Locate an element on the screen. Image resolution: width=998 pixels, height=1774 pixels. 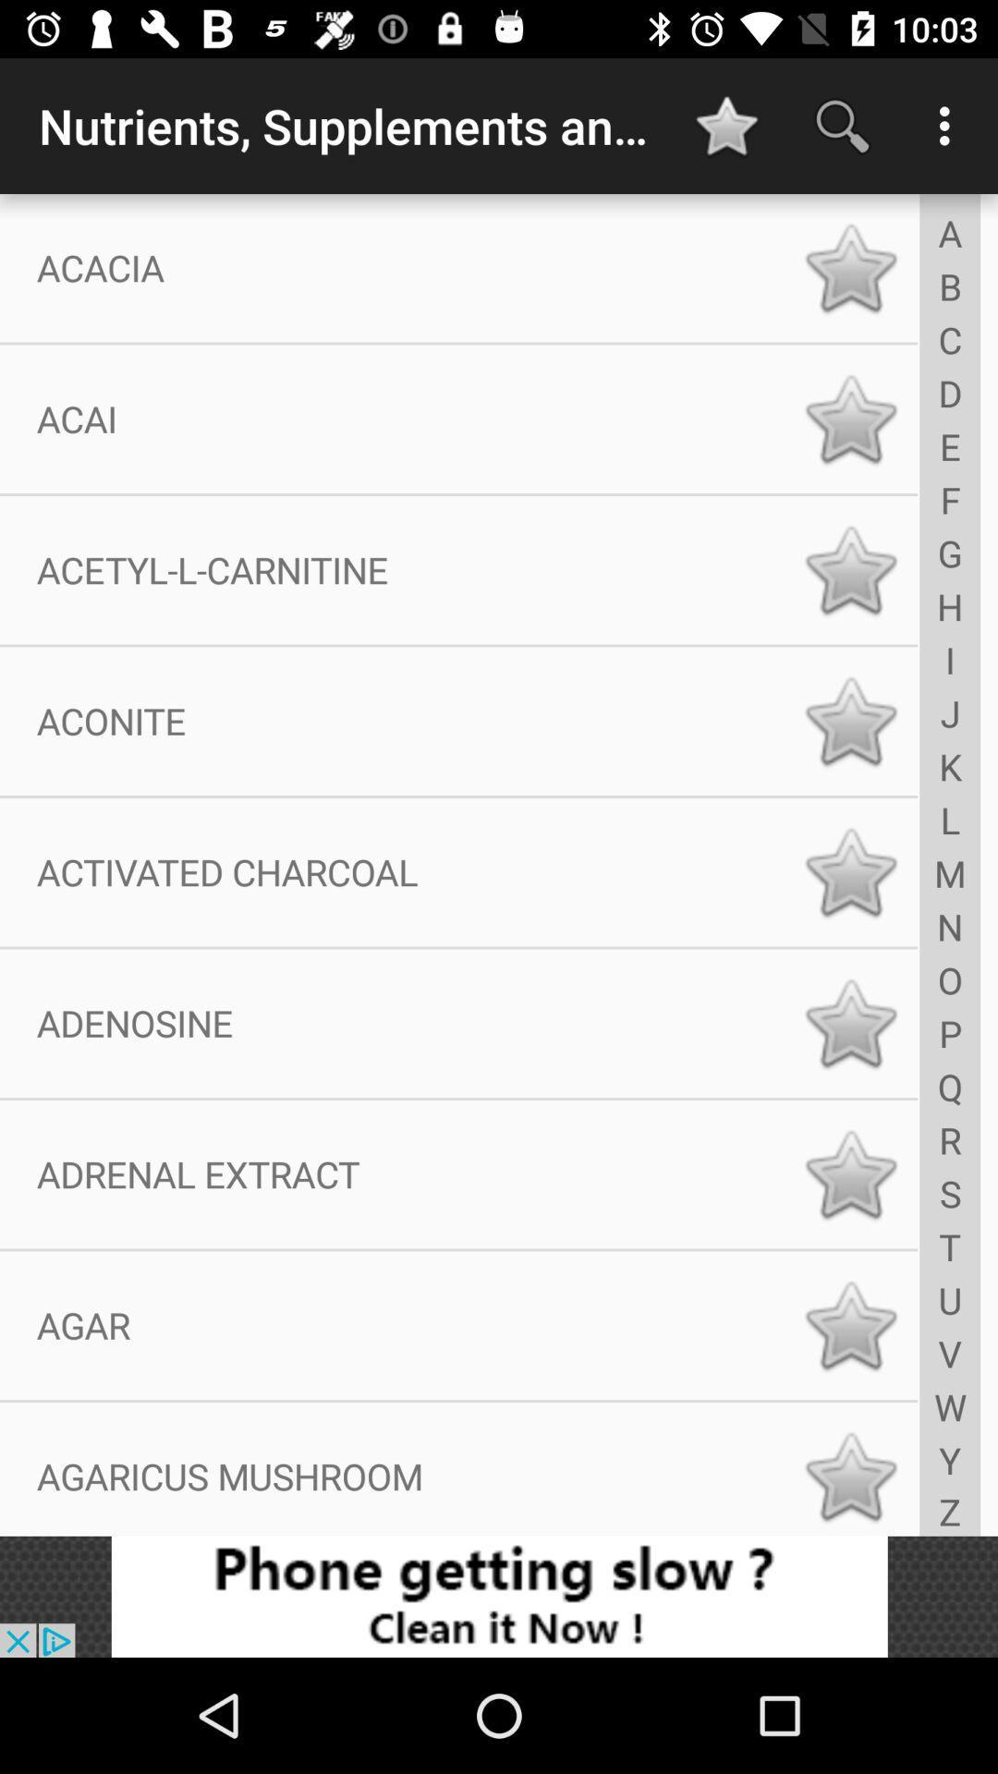
favorite is located at coordinates (850, 720).